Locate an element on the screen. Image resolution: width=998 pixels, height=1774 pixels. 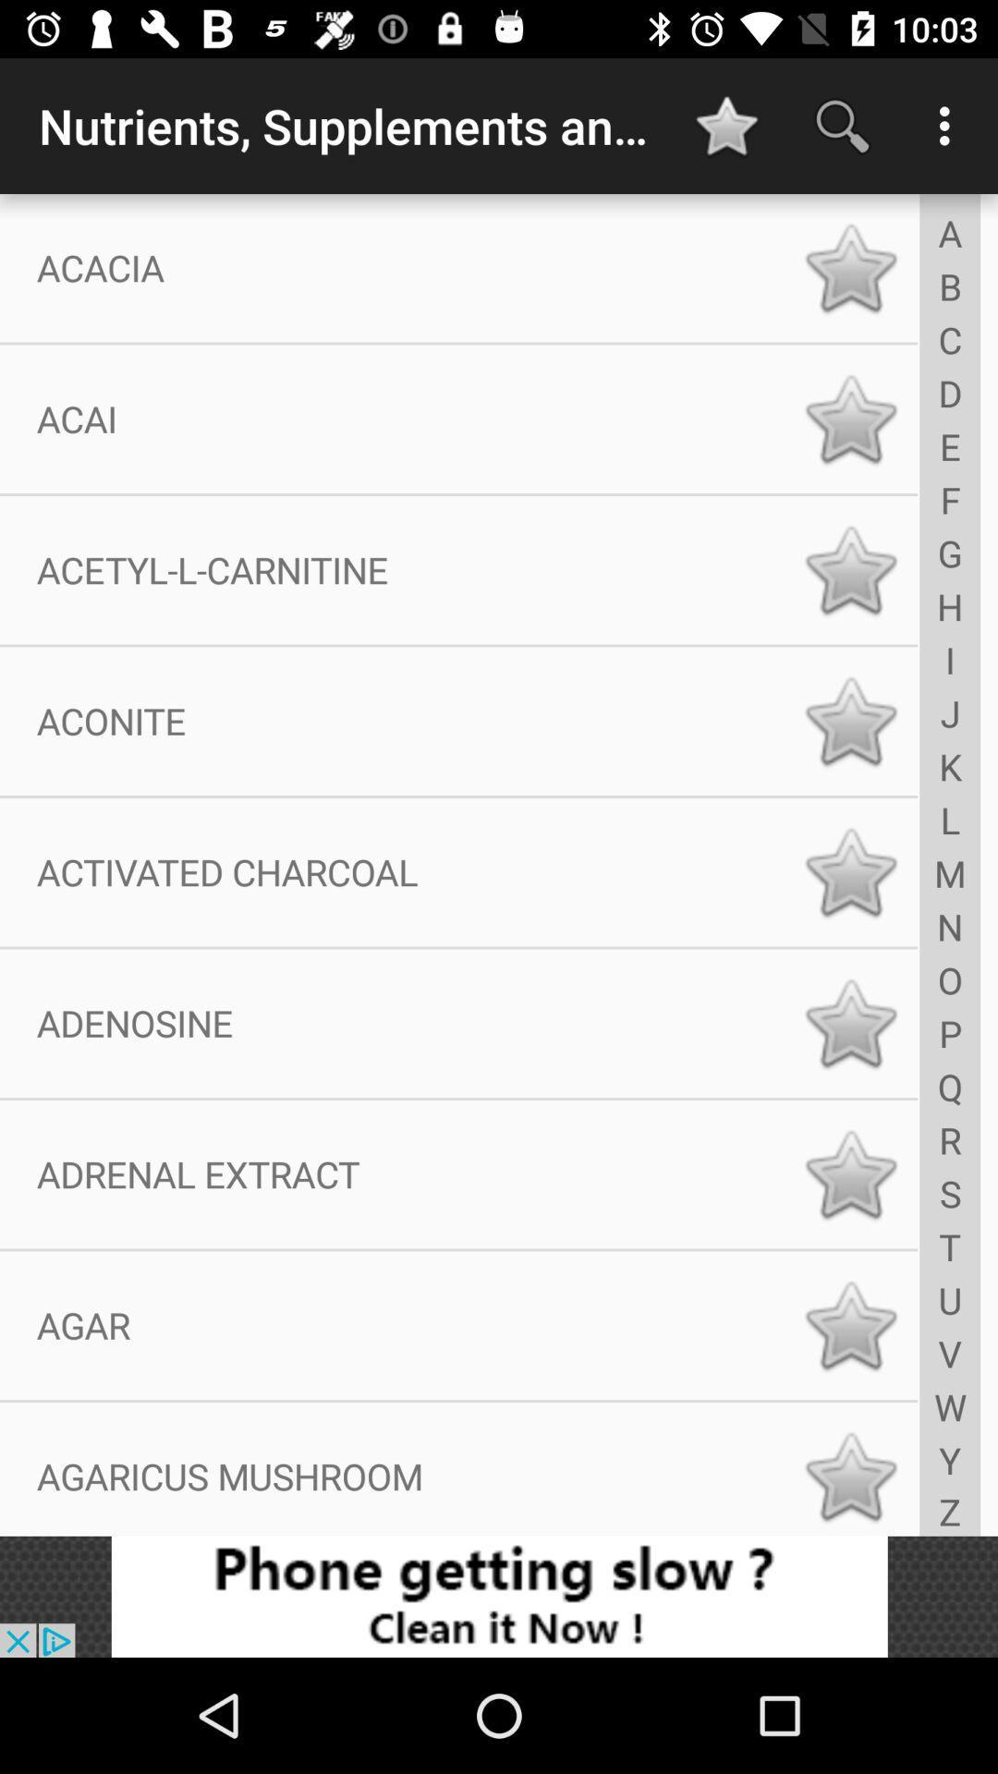
favorite is located at coordinates (850, 720).